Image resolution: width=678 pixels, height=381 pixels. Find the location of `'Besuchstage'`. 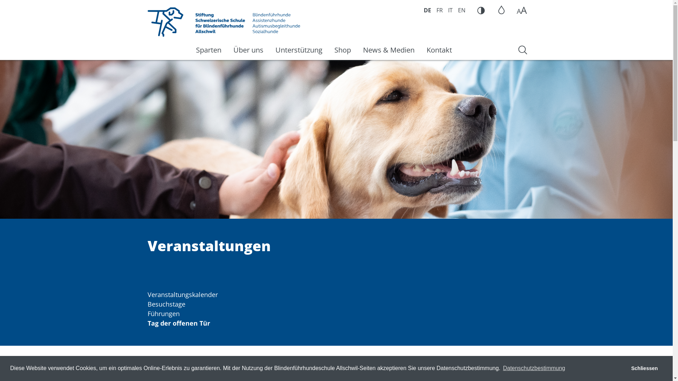

'Besuchstage' is located at coordinates (166, 303).